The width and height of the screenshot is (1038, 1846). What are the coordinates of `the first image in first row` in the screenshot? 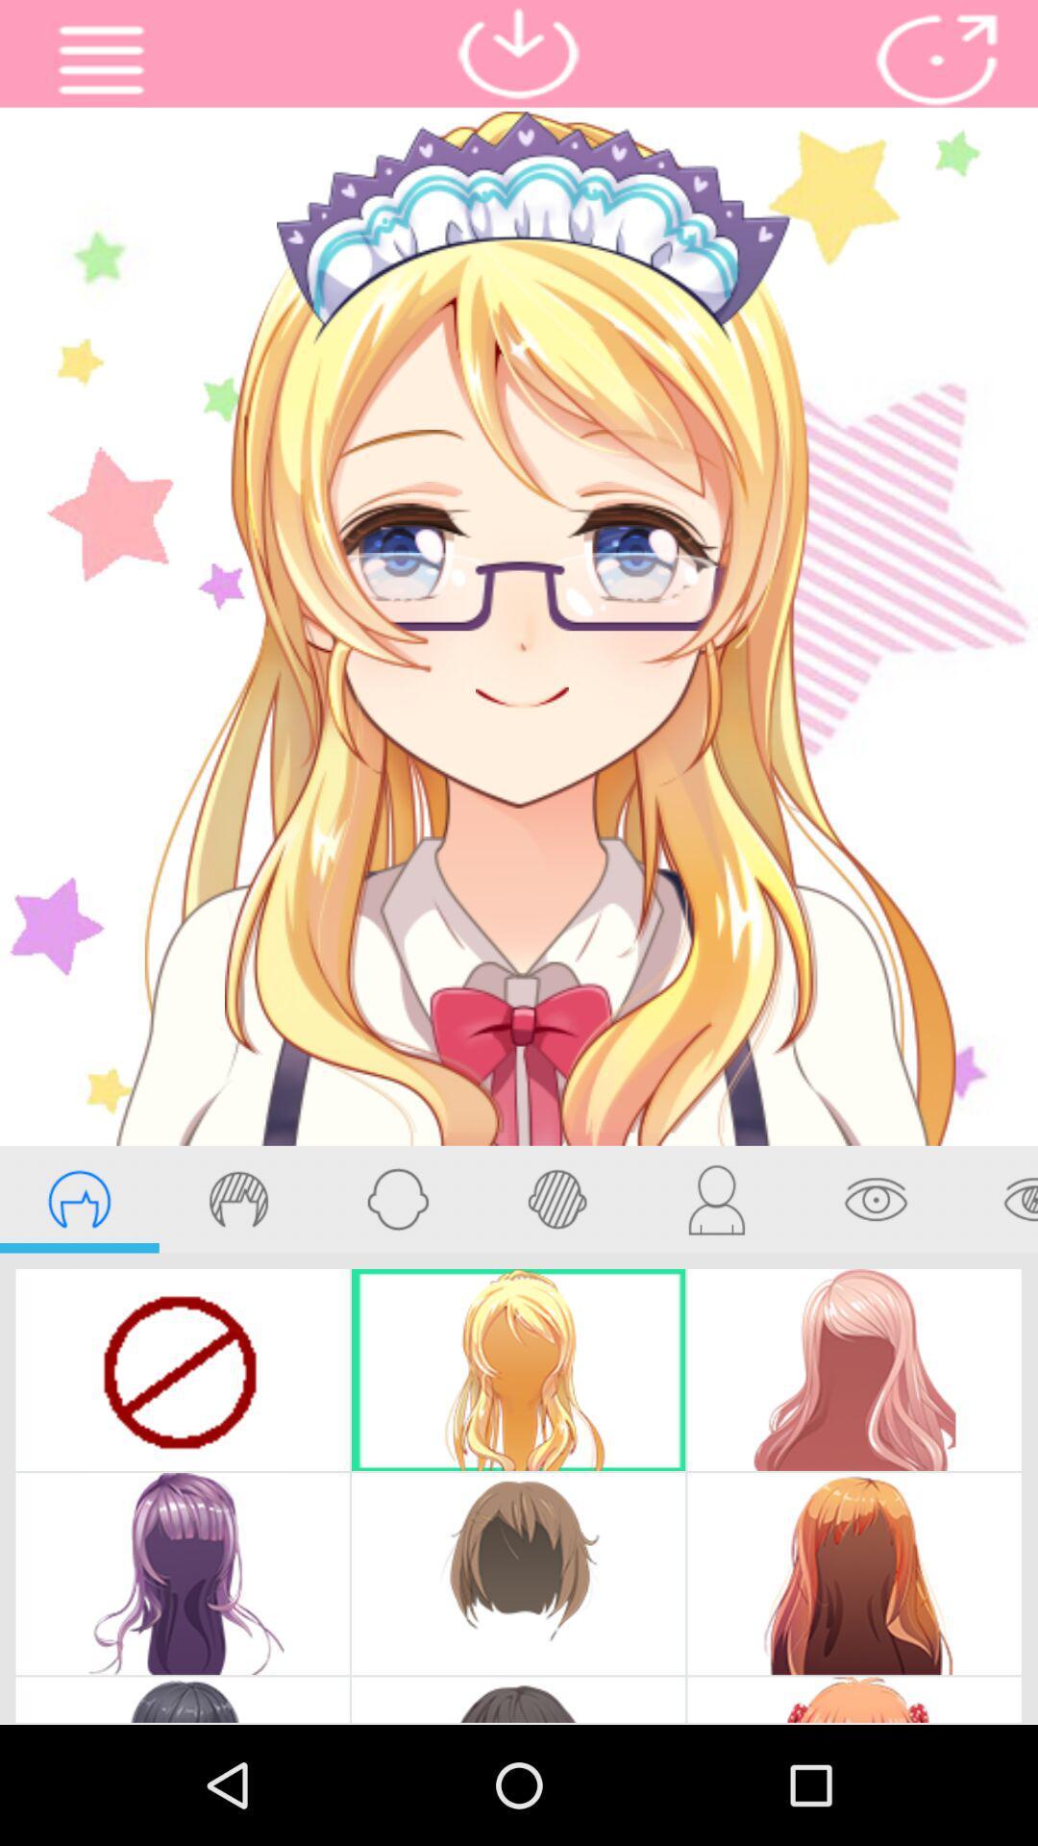 It's located at (183, 1369).